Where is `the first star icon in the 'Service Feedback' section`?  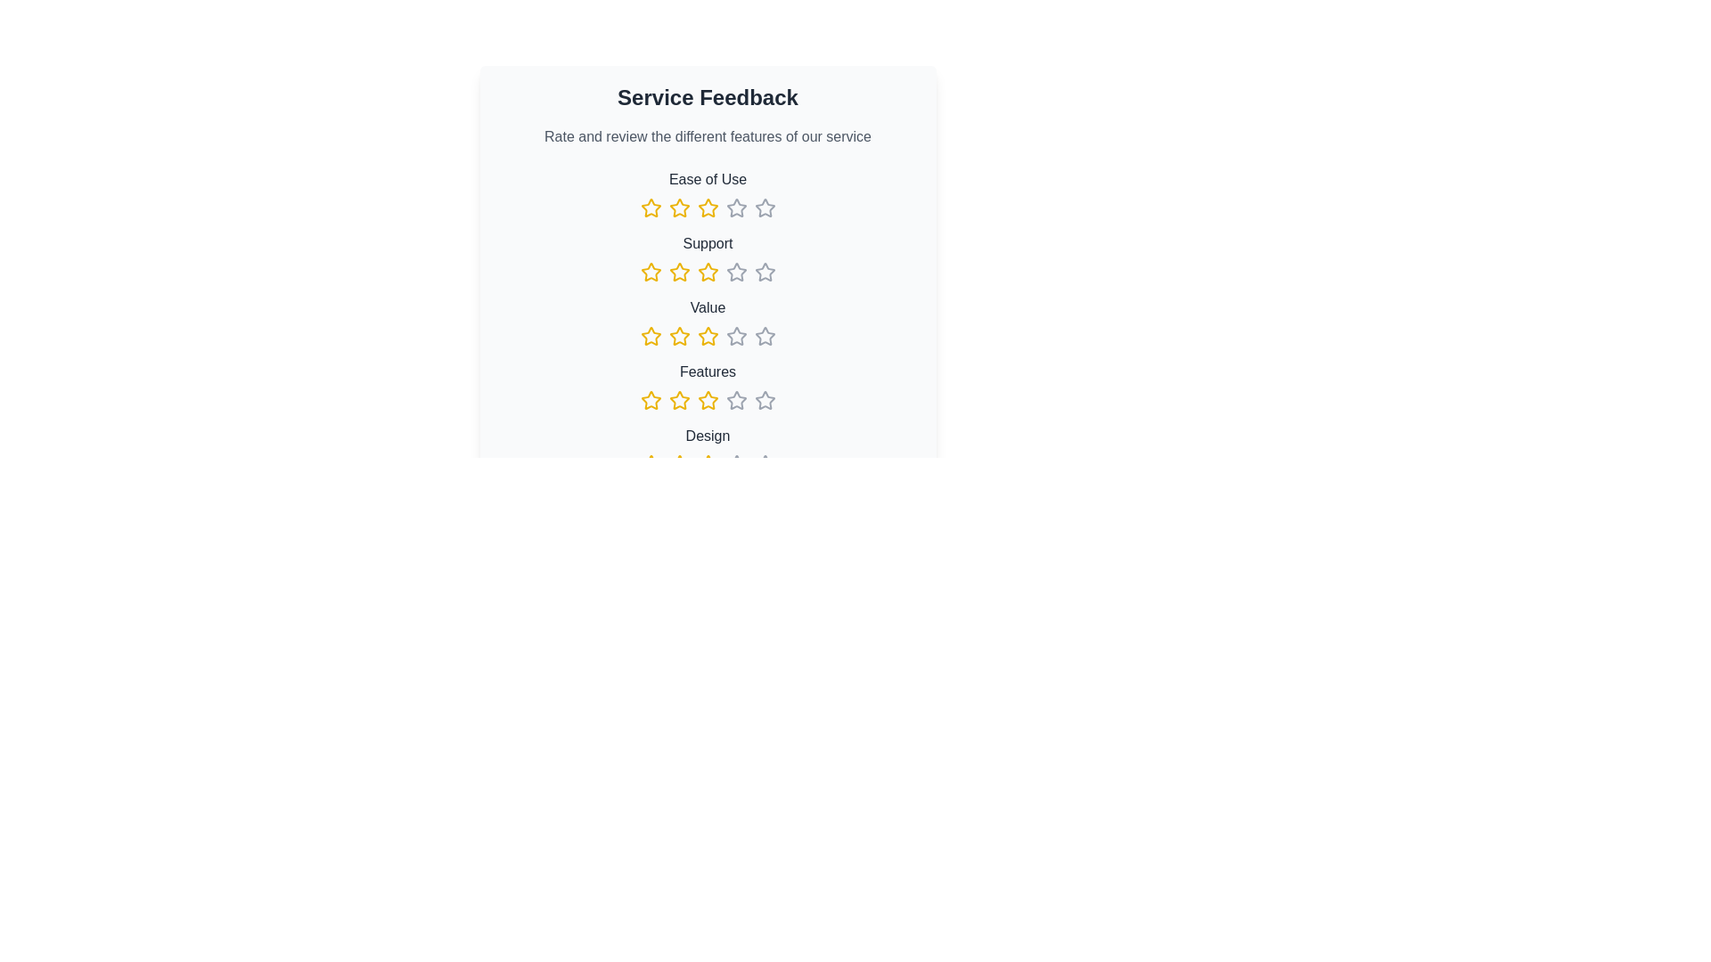 the first star icon in the 'Service Feedback' section is located at coordinates (650, 337).